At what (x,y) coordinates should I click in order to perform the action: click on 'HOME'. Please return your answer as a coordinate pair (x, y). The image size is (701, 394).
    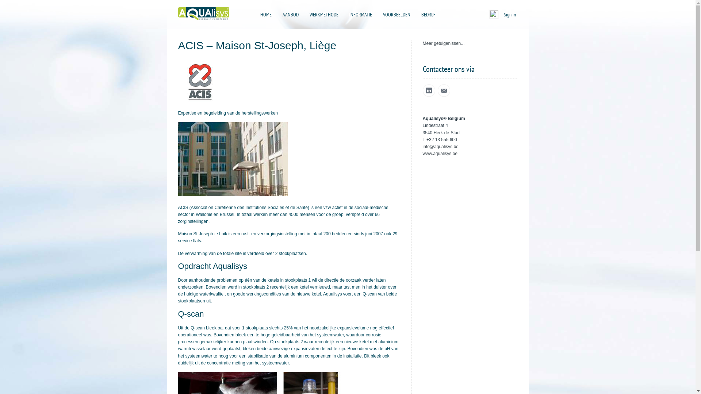
    Looking at the image, I should click on (265, 14).